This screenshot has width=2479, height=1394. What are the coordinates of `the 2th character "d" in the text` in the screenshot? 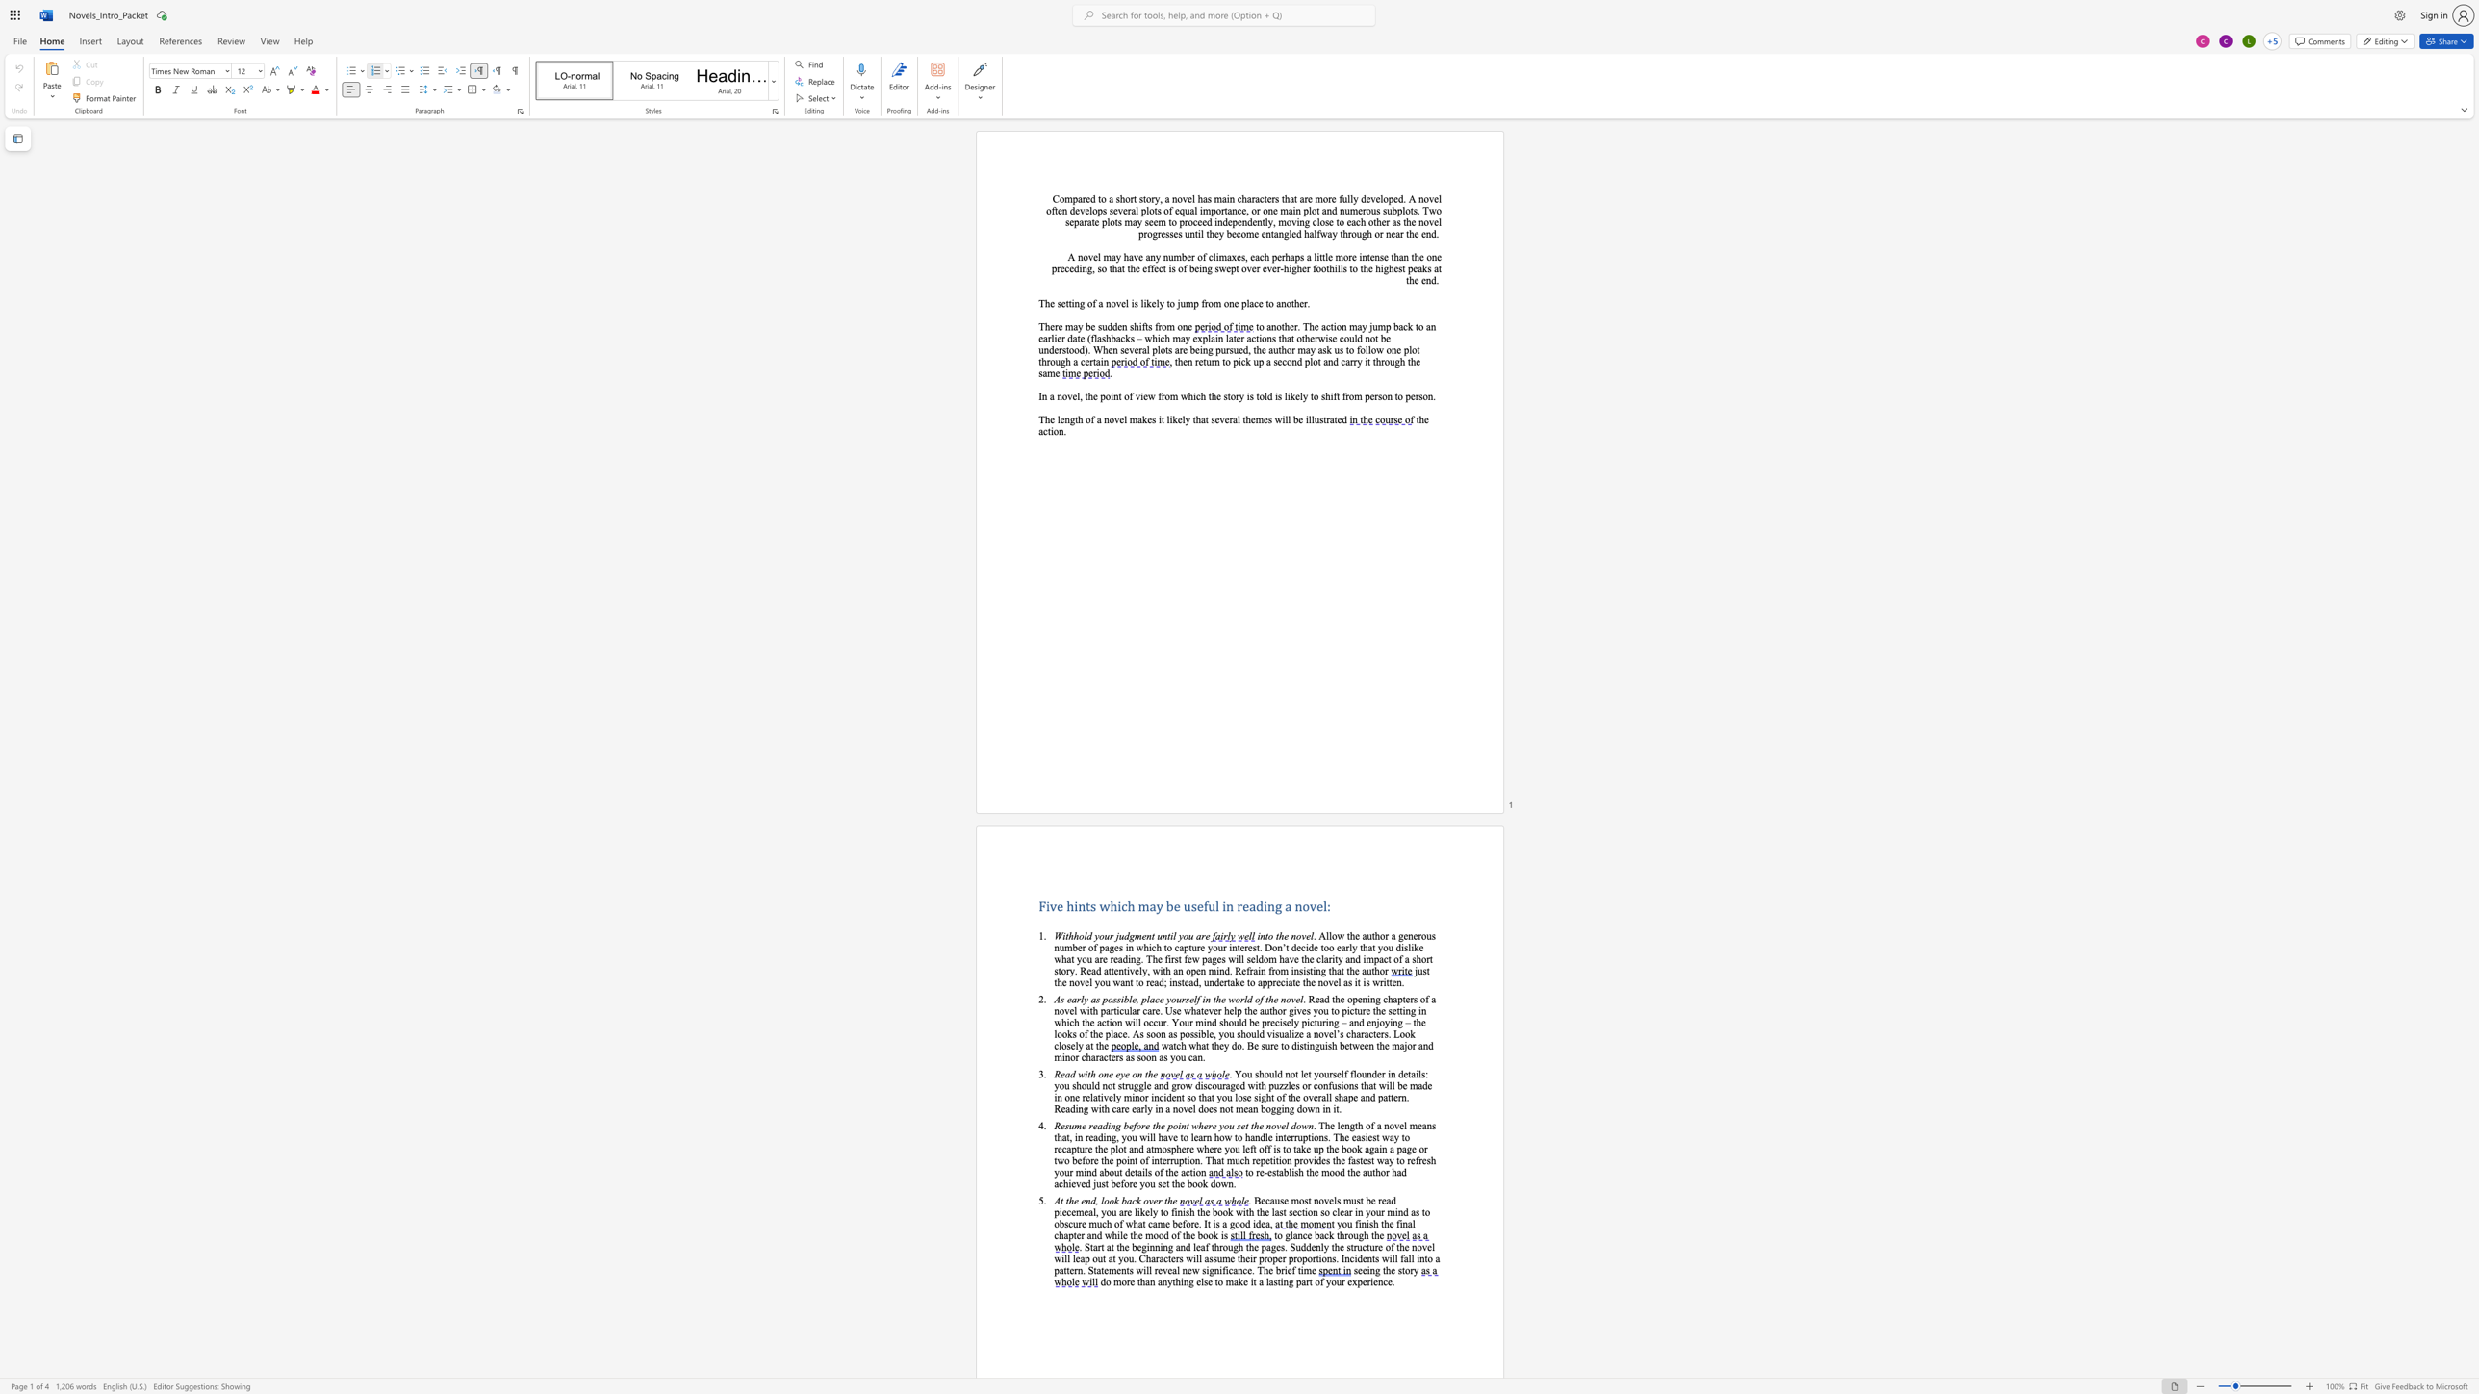 It's located at (1293, 1126).